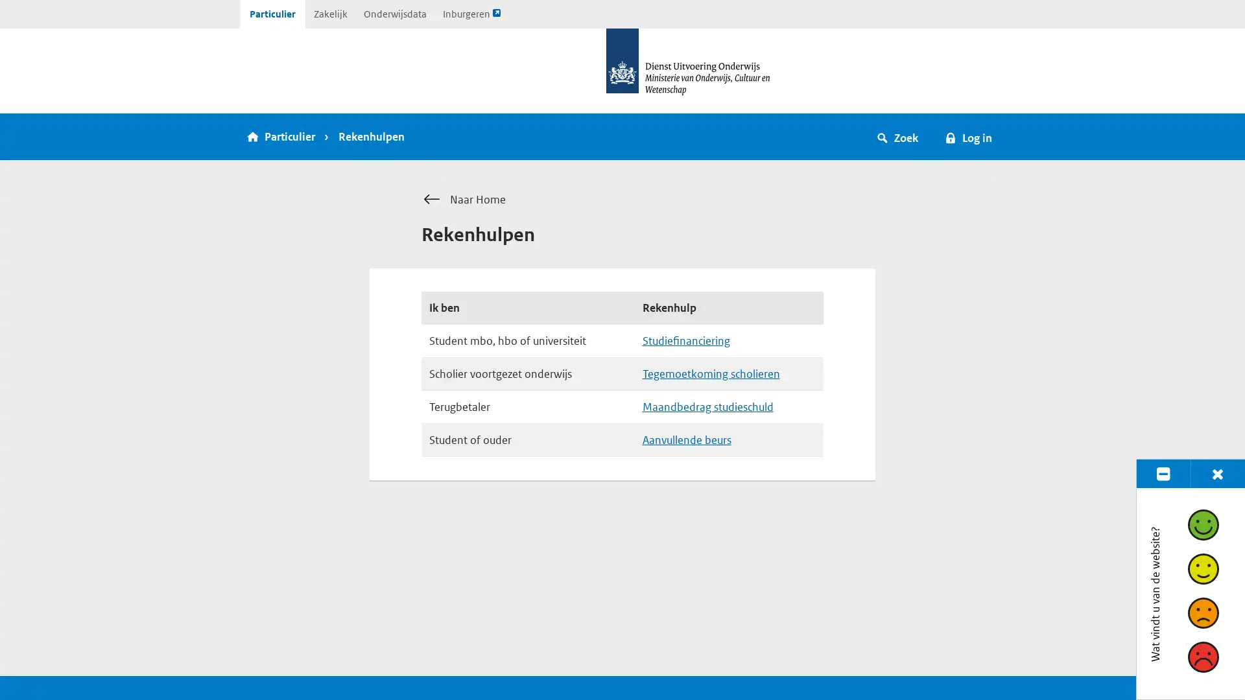  What do you see at coordinates (1202, 524) in the screenshot?
I see `Goed` at bounding box center [1202, 524].